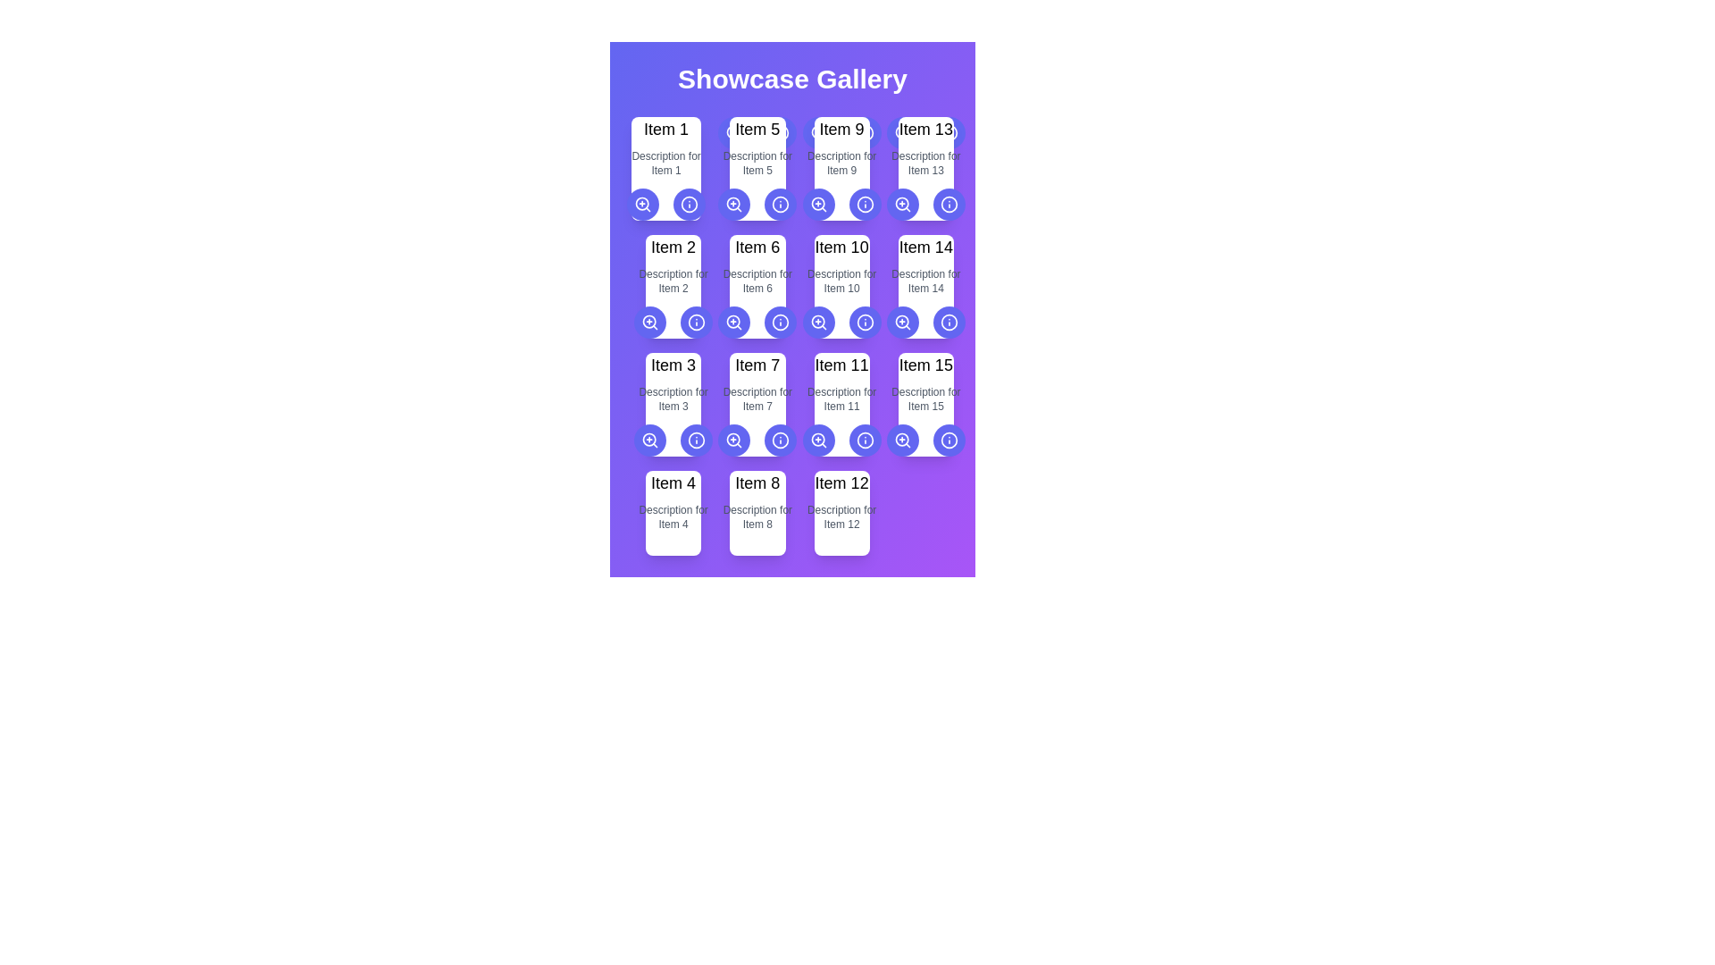 This screenshot has height=965, width=1715. I want to click on the text label displaying 'Description for Item 14', which is located under the title 'Item 14' within a card-like display, so click(925, 281).